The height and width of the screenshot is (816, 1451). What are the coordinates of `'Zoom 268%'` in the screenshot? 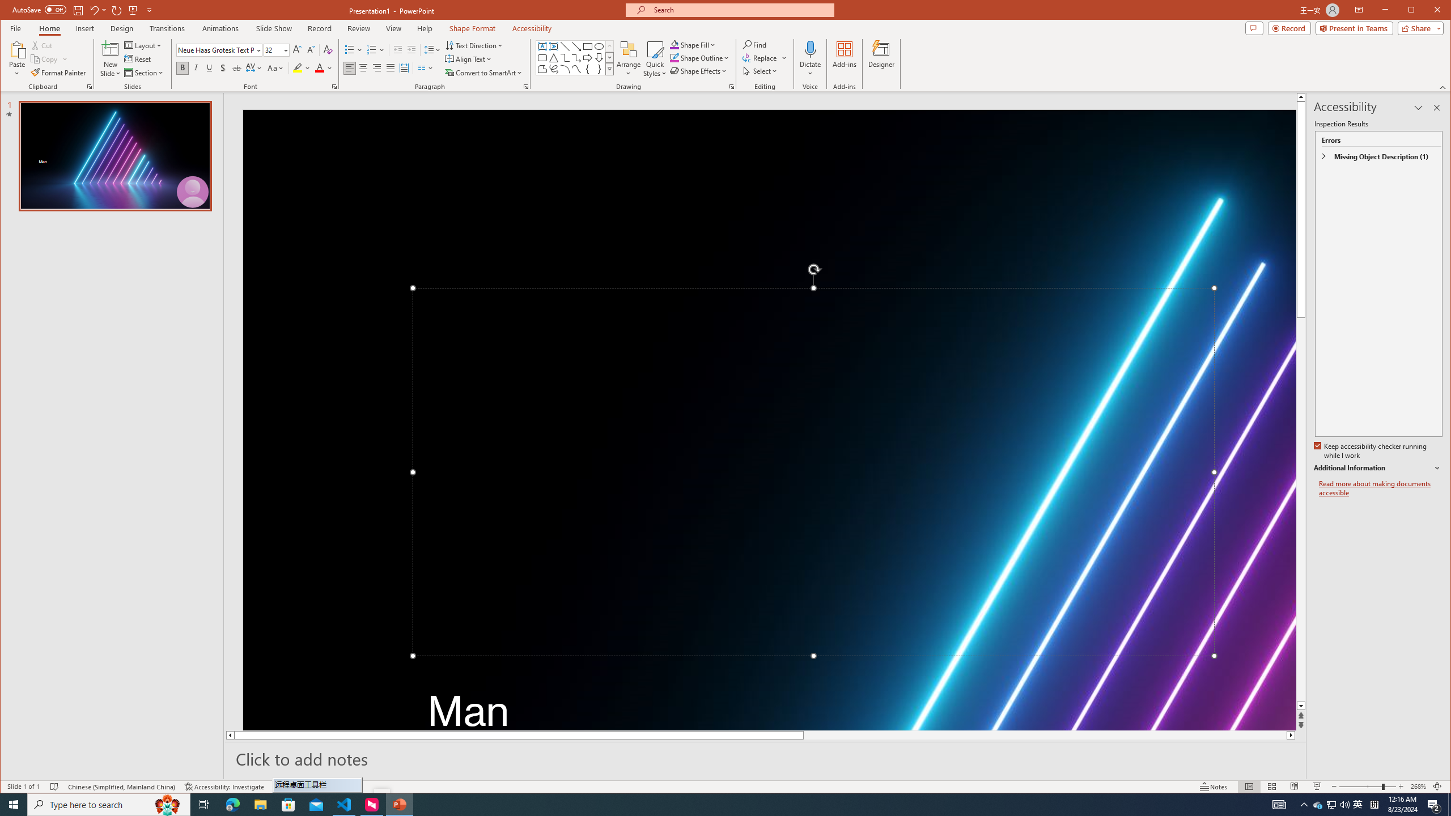 It's located at (1418, 786).